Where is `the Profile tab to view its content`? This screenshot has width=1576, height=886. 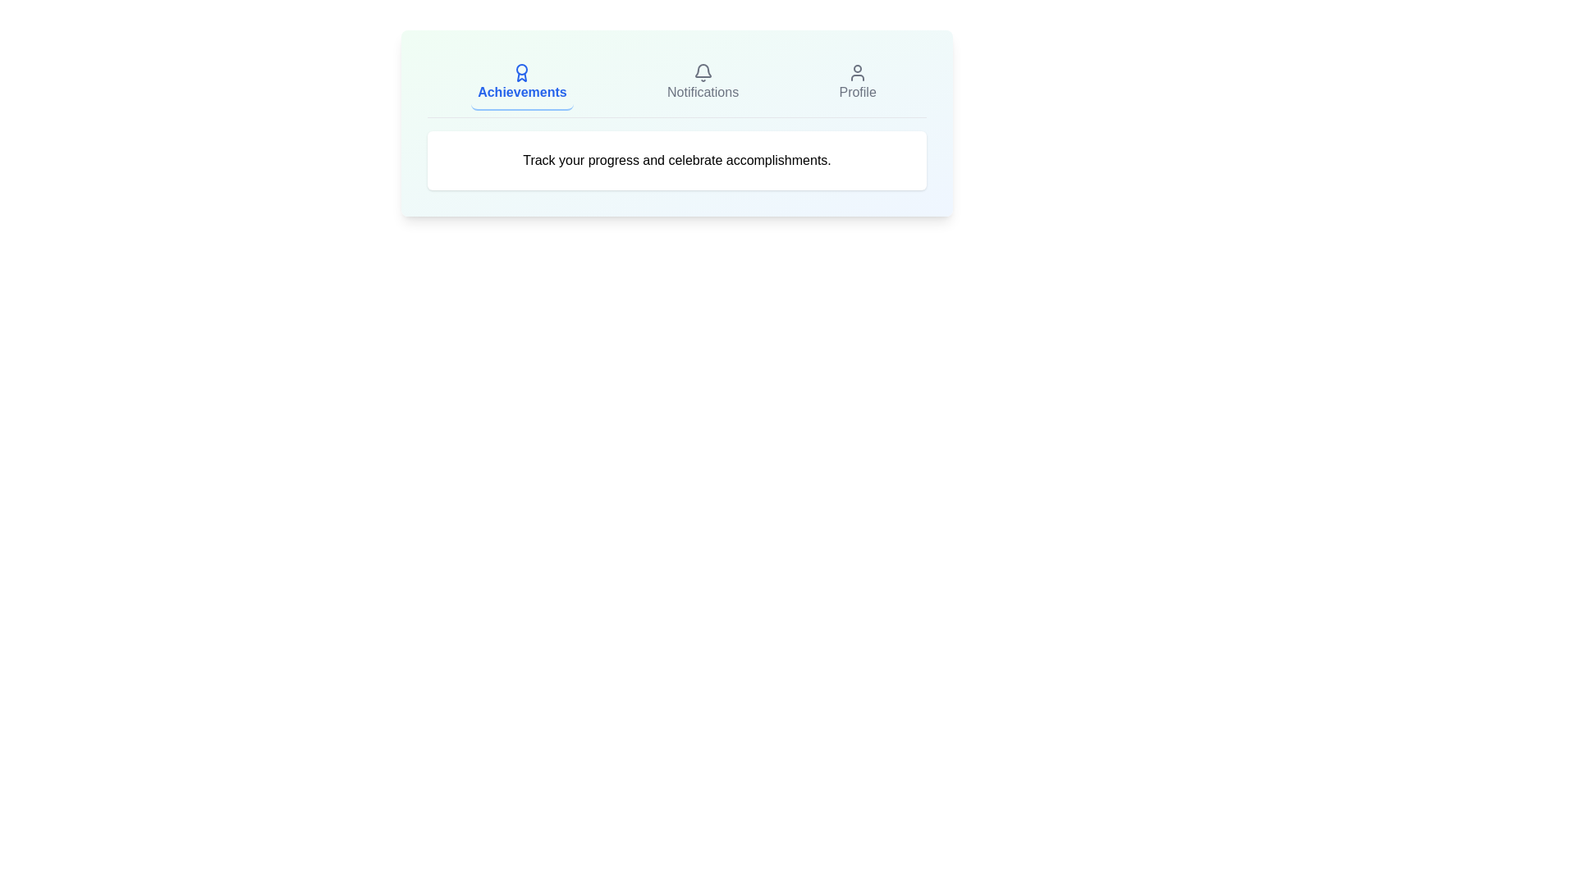 the Profile tab to view its content is located at coordinates (857, 83).